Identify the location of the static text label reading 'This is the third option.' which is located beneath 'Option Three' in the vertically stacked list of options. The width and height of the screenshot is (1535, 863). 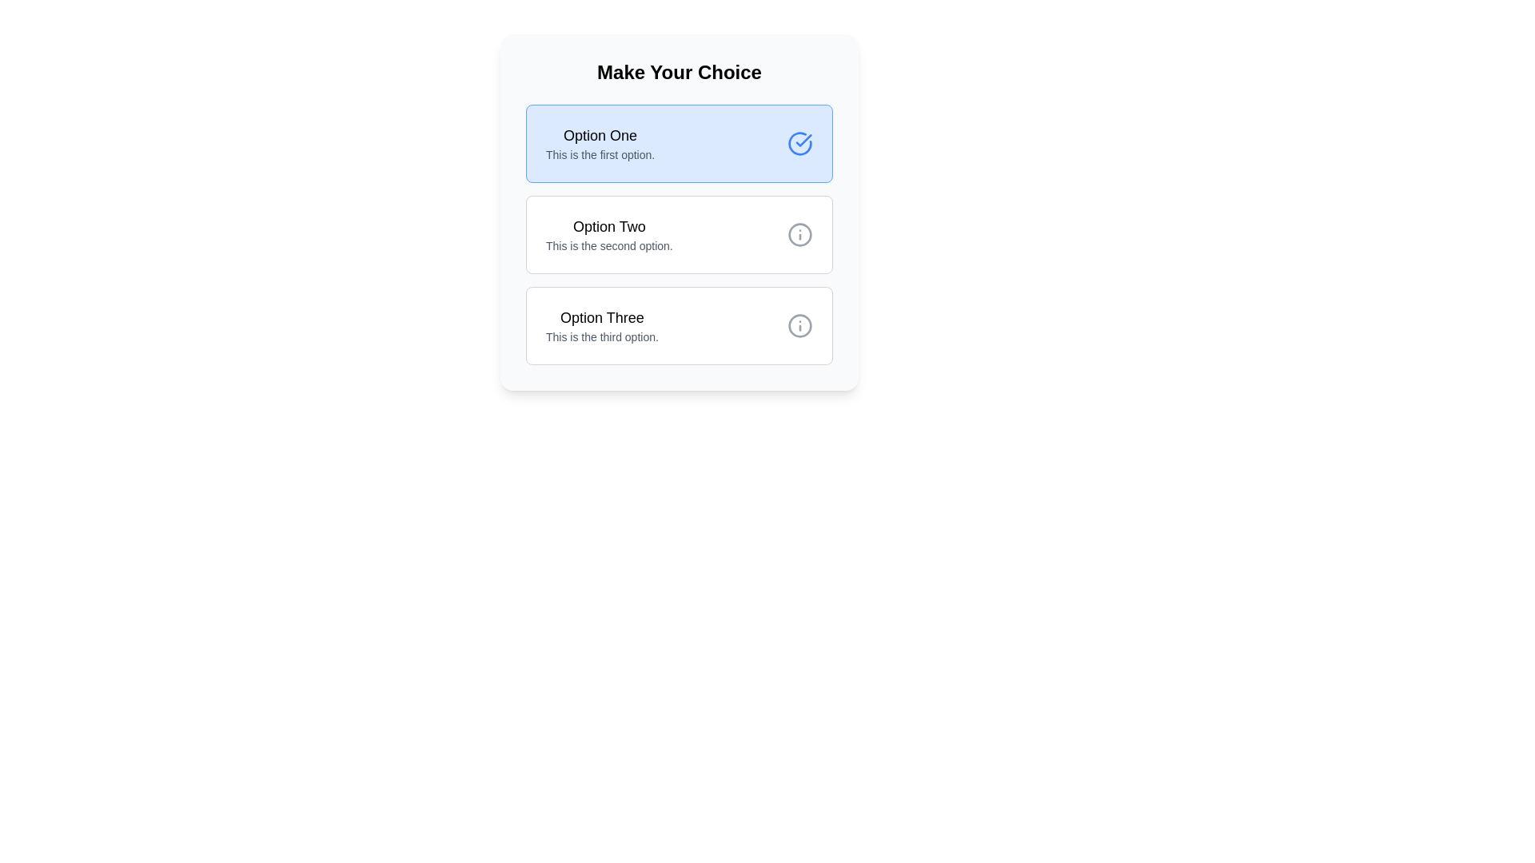
(601, 336).